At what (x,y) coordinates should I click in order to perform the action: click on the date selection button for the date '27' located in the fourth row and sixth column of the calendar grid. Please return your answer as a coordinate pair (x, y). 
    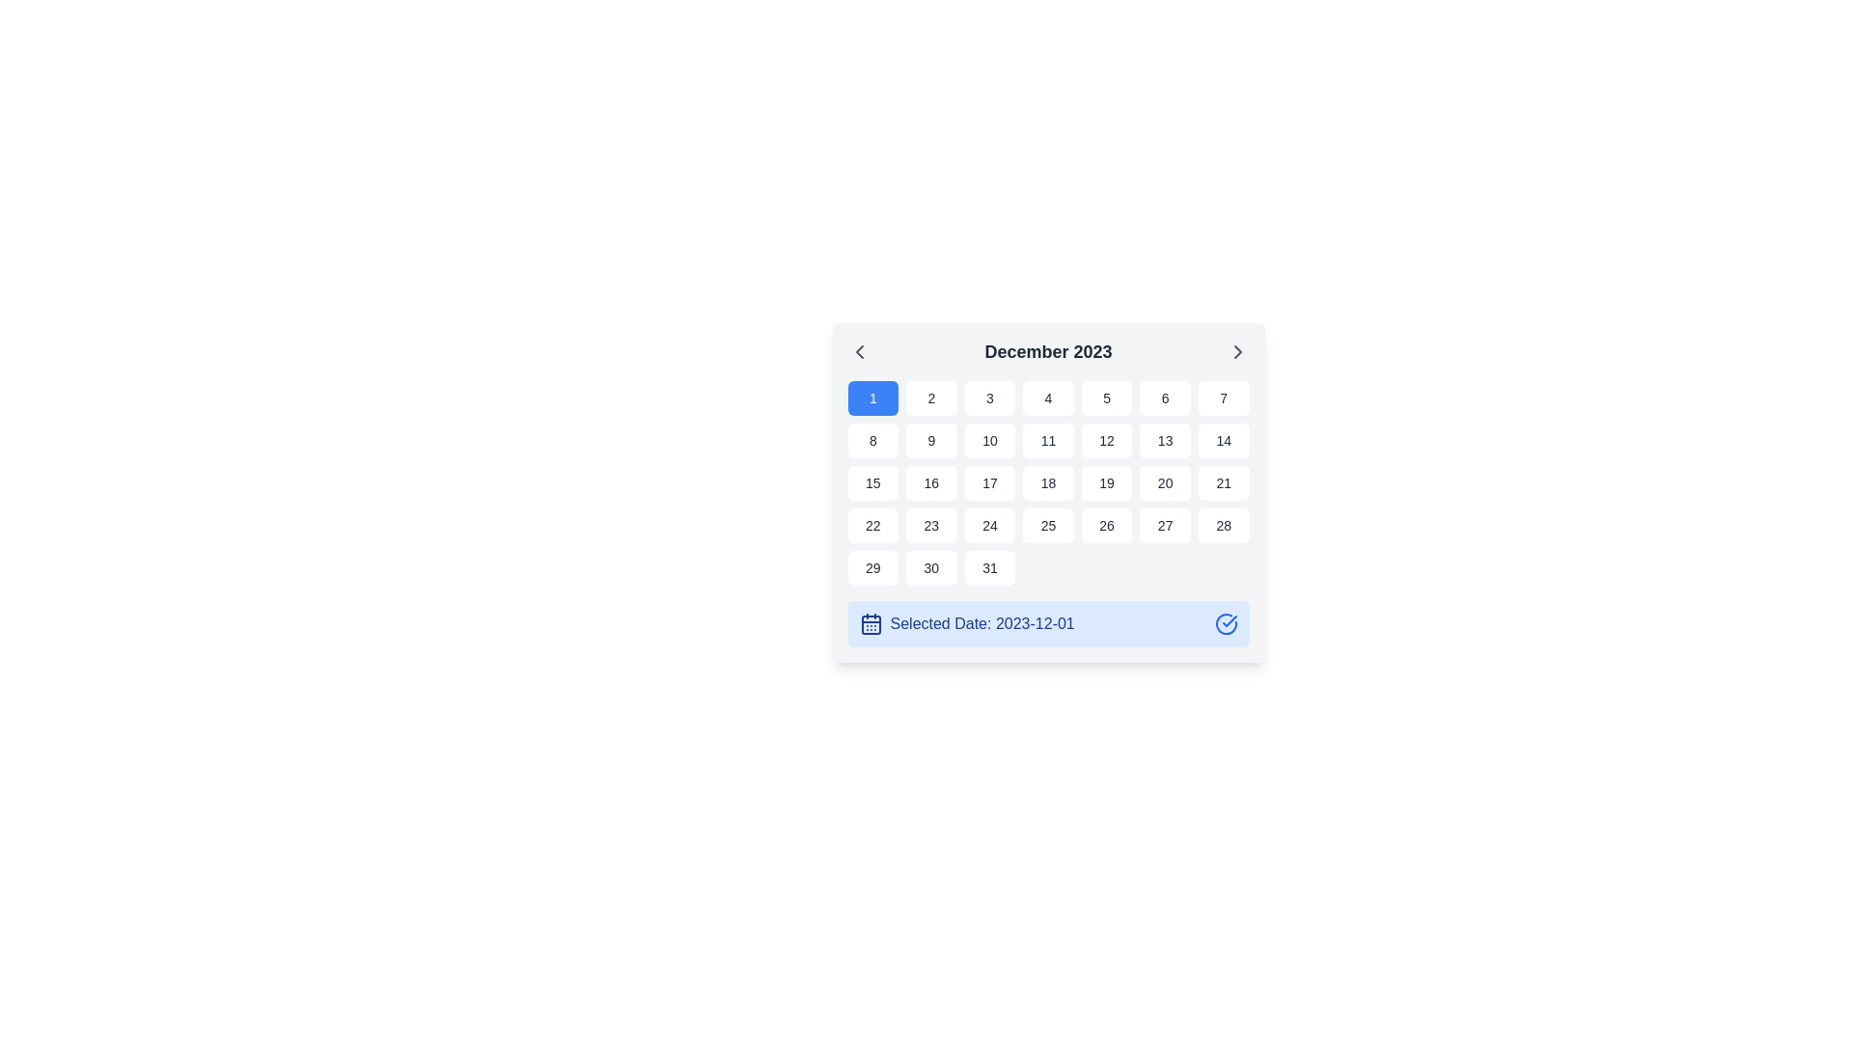
    Looking at the image, I should click on (1164, 525).